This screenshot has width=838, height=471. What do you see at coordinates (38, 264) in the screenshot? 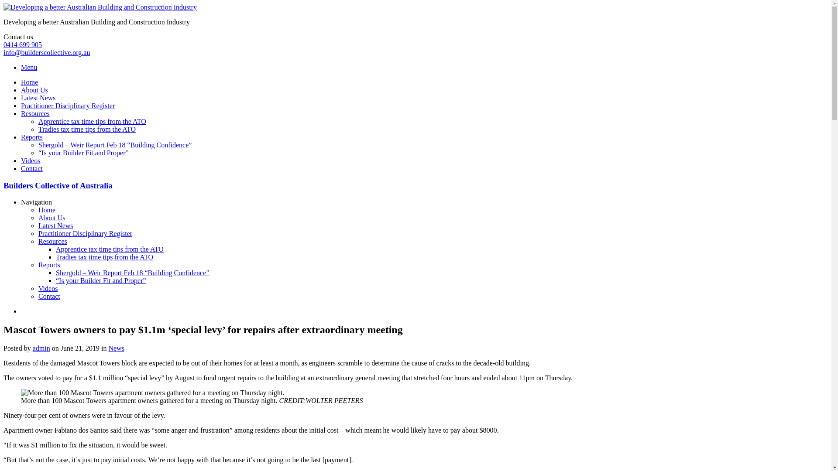
I see `'Reports'` at bounding box center [38, 264].